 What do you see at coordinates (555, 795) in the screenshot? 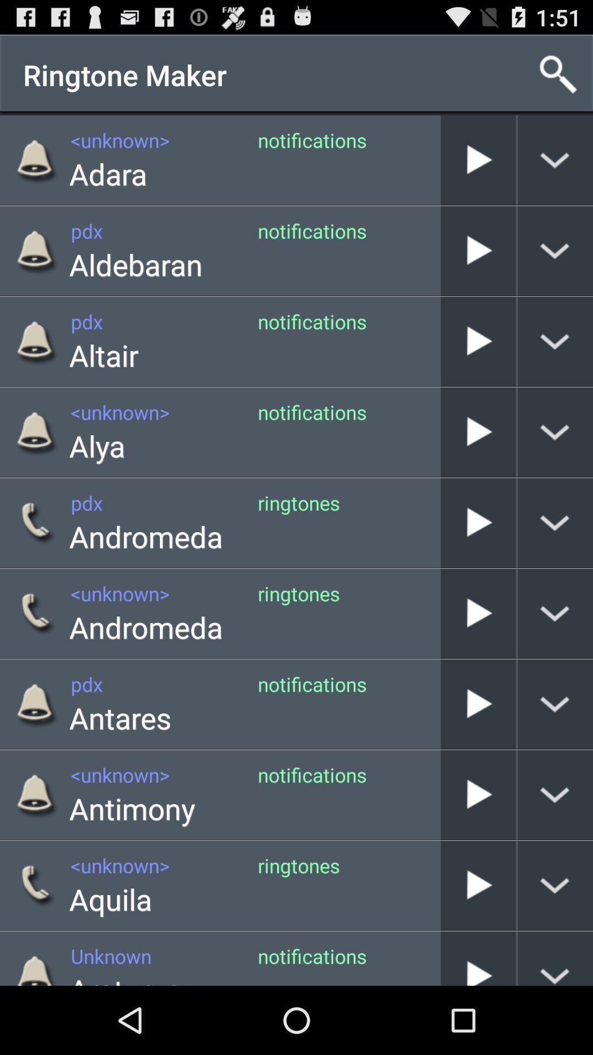
I see `drop down button` at bounding box center [555, 795].